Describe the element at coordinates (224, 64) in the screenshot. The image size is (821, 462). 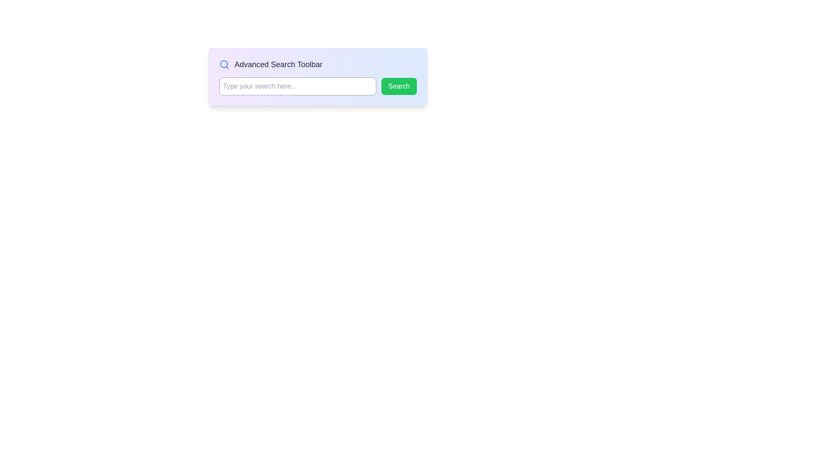
I see `the circular outline of the search icon, which is a decorative SVG element with no fill color, positioned at the center of the search icon` at that location.